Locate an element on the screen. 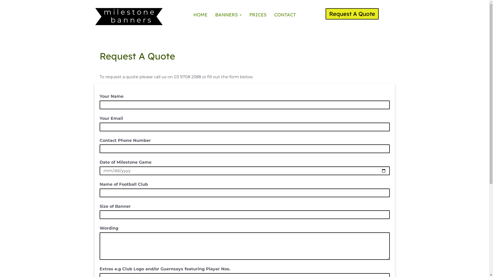 This screenshot has width=493, height=277. 'HOME' is located at coordinates (200, 14).